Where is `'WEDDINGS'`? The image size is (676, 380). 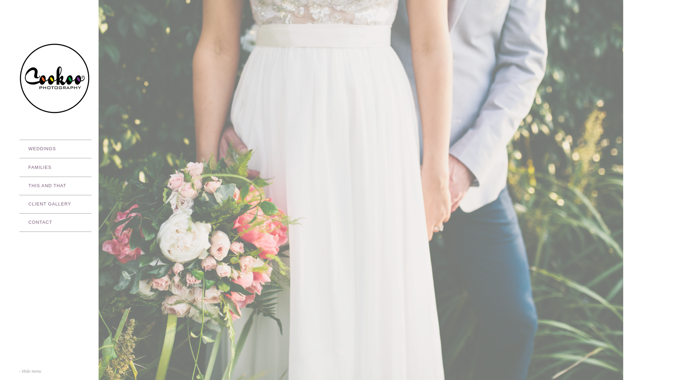 'WEDDINGS' is located at coordinates (55, 148).